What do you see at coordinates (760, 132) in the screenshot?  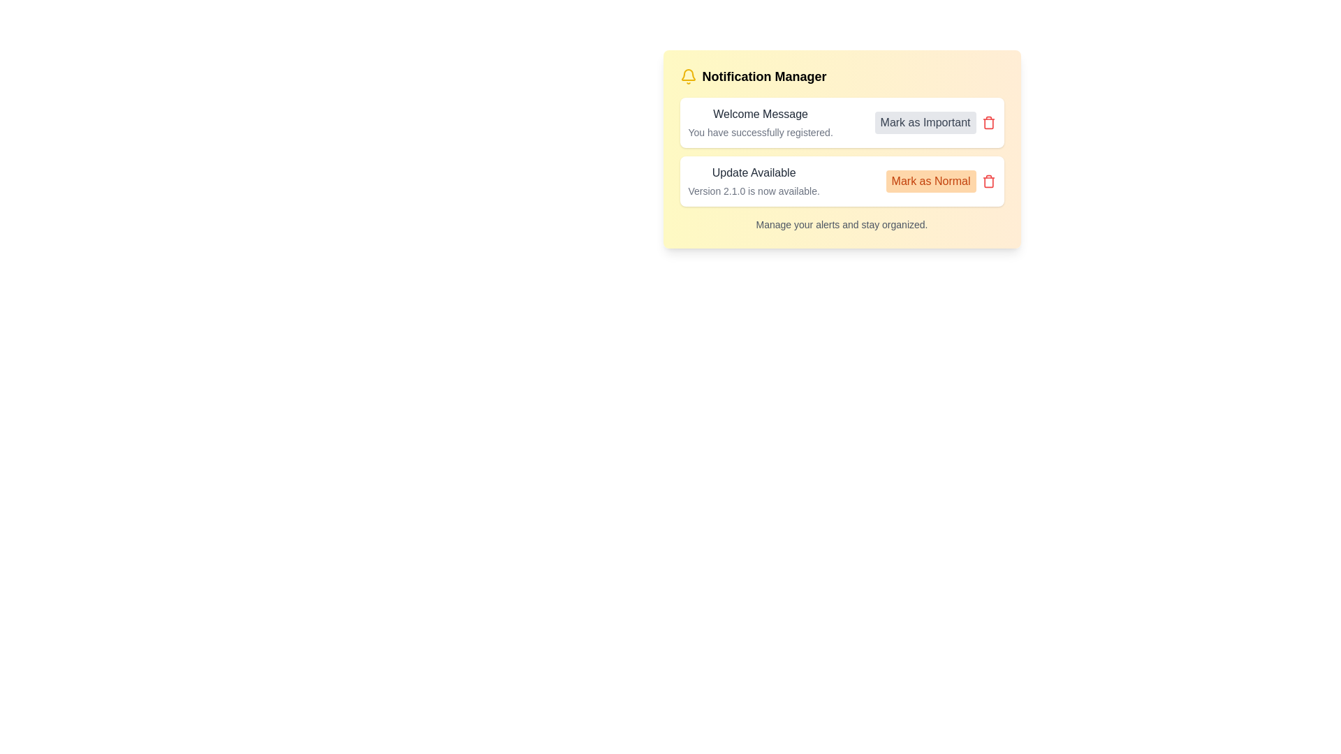 I see `the text snippet that reads 'You have successfully registered.' which is located directly below the 'Welcome Message' heading within the notification card in the upper-right quadrant of the application interface` at bounding box center [760, 132].